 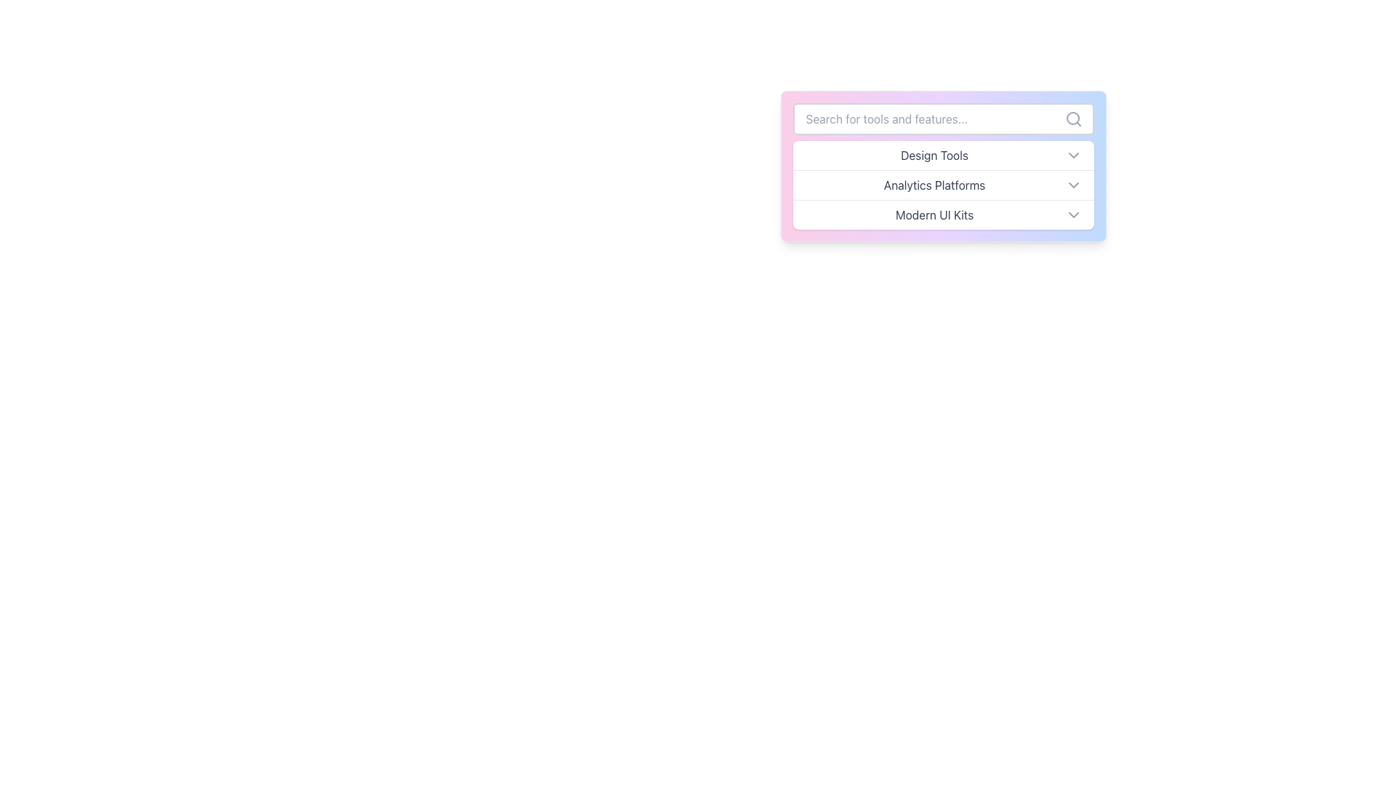 I want to click on the 'Design Tools' option in the dropdown menu, which is the first item and is horizontally centered with a chevron icon to its right, so click(x=934, y=155).